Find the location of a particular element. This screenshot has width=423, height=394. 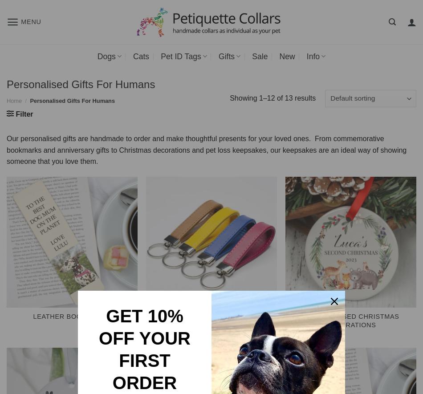

'Showing 1–12 of 13 results' is located at coordinates (273, 97).